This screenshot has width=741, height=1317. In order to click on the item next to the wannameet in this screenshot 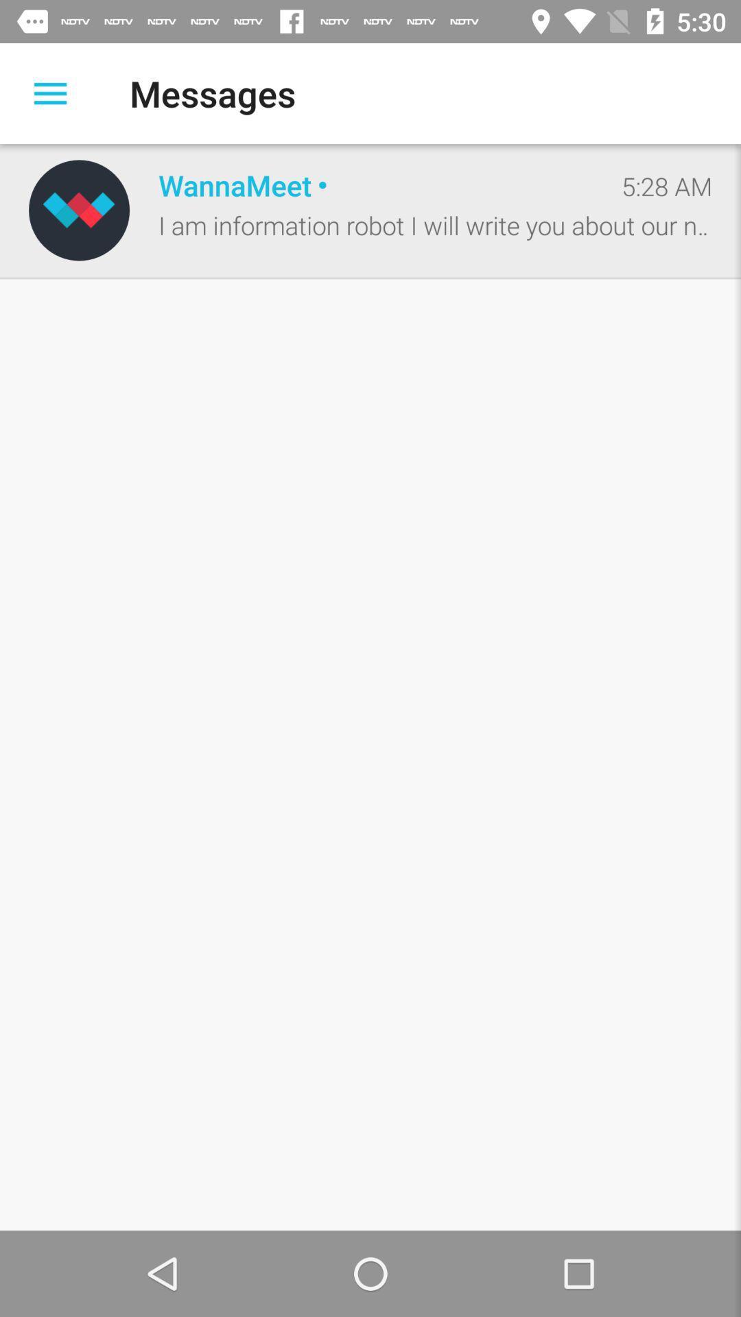, I will do `click(666, 185)`.